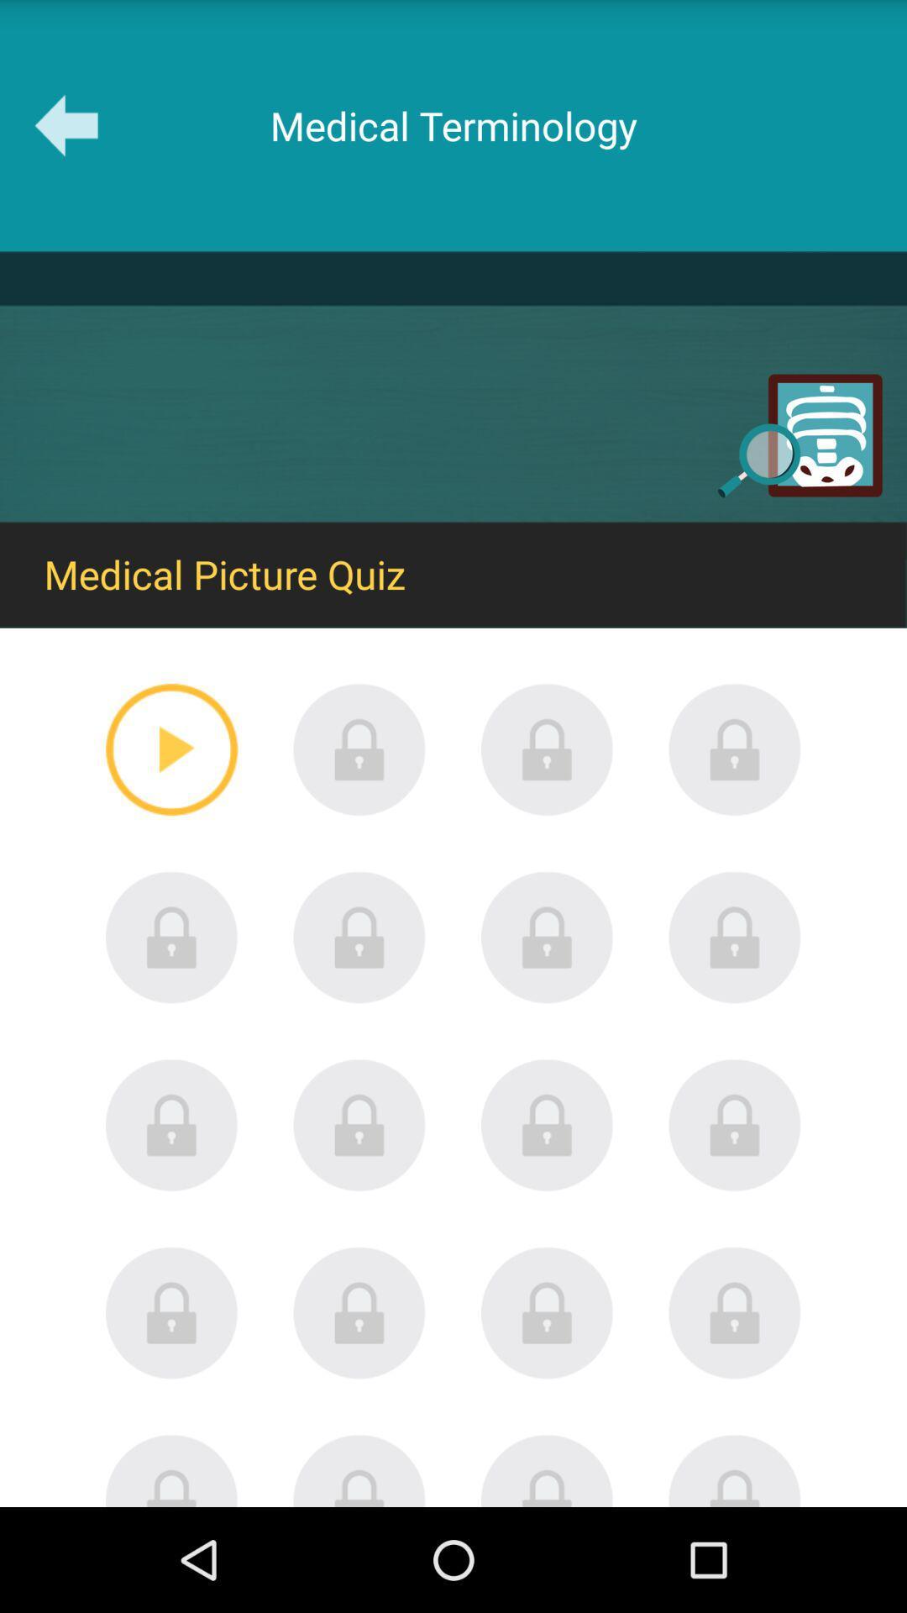 The image size is (907, 1613). I want to click on the second line fourth lock icon, so click(734, 936).